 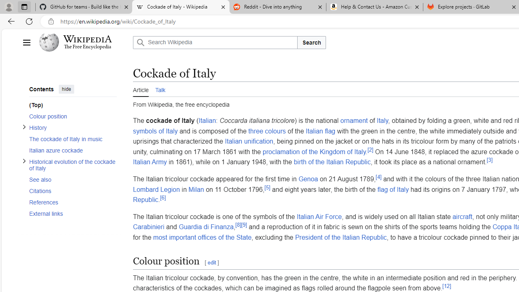 What do you see at coordinates (156, 189) in the screenshot?
I see `'Lombard Legion'` at bounding box center [156, 189].